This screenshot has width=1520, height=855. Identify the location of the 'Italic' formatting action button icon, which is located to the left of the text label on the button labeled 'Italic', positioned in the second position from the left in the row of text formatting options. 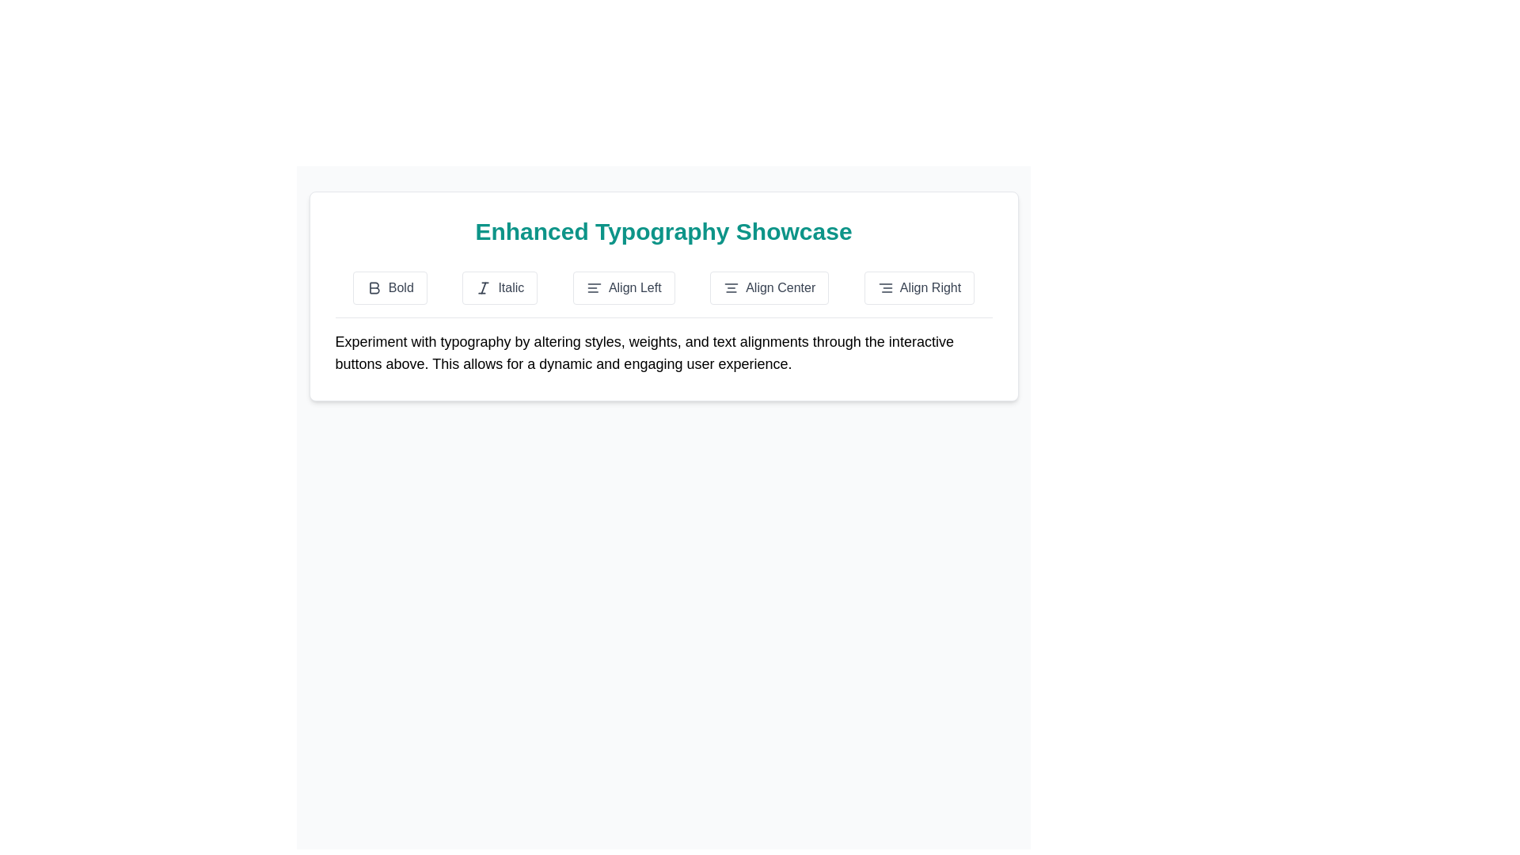
(483, 287).